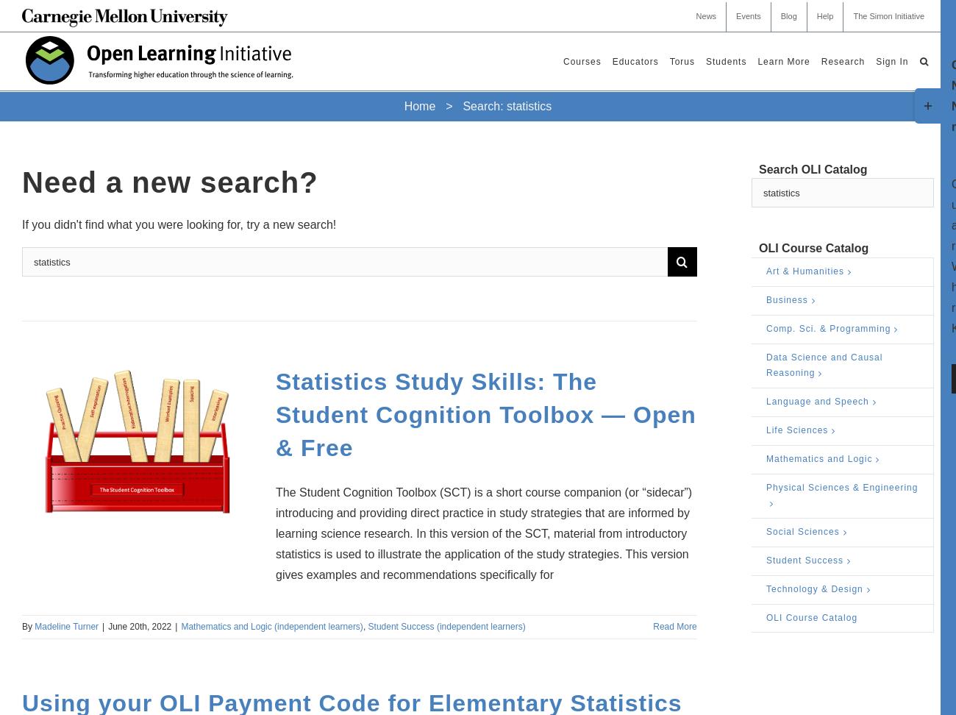 The image size is (956, 715). What do you see at coordinates (483, 533) in the screenshot?
I see `'The Student Cognition Toolbox (SCT) is a short course companion (or “sidecar”) introducing and providing direct practice in study strategies that are informed by learning science research. In this version of the SCT, material from introductory statistics is used to illustrate the application of the study strategies. This version gives examples and recommendations specifically for'` at bounding box center [483, 533].